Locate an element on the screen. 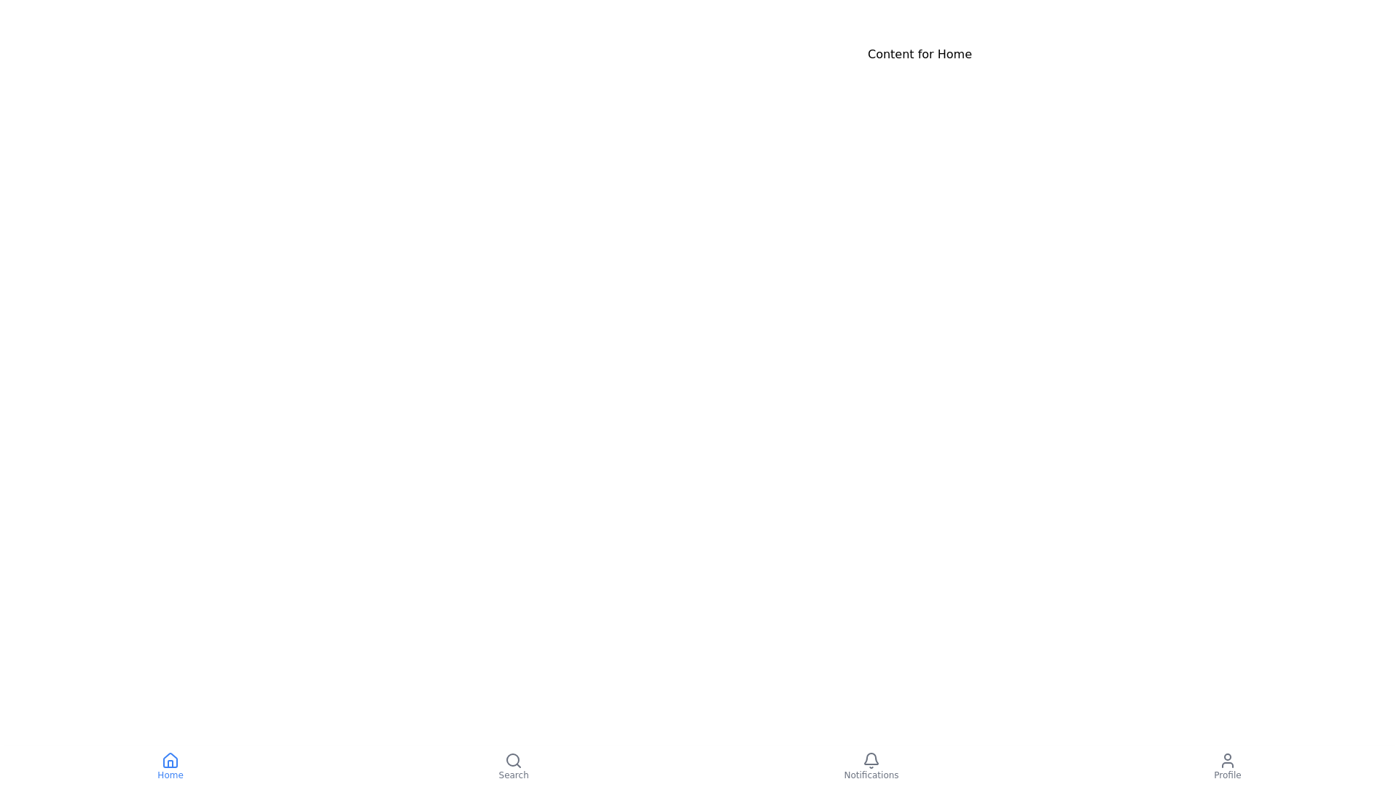 This screenshot has height=787, width=1399. the 'Home' text label located in the bottom navigation bar, which is styled with a small font, medium weight, and blue color, positioned beneath the house icon is located at coordinates (171, 775).